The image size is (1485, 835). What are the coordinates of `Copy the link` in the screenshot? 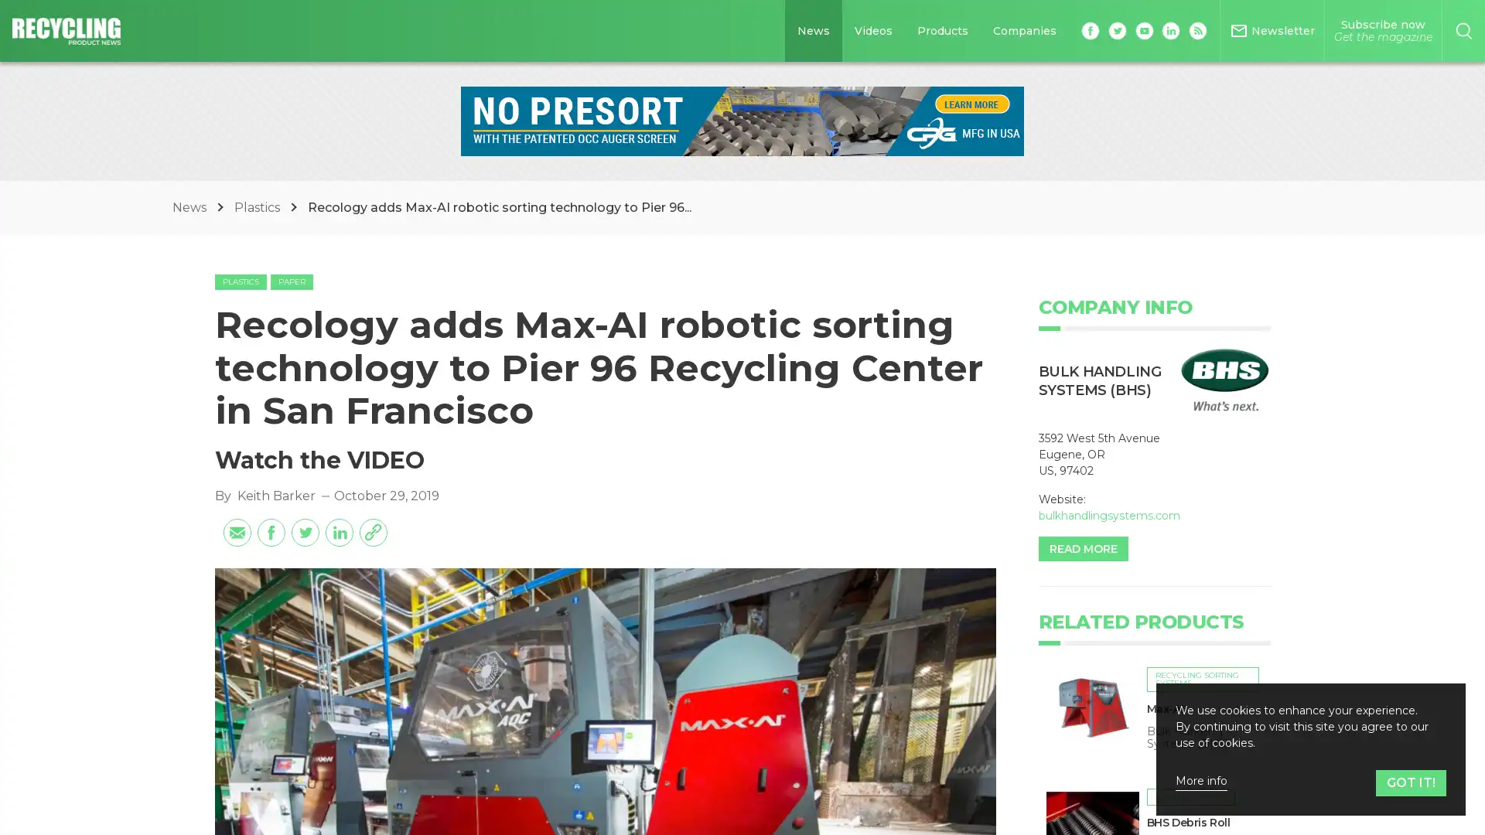 It's located at (372, 530).